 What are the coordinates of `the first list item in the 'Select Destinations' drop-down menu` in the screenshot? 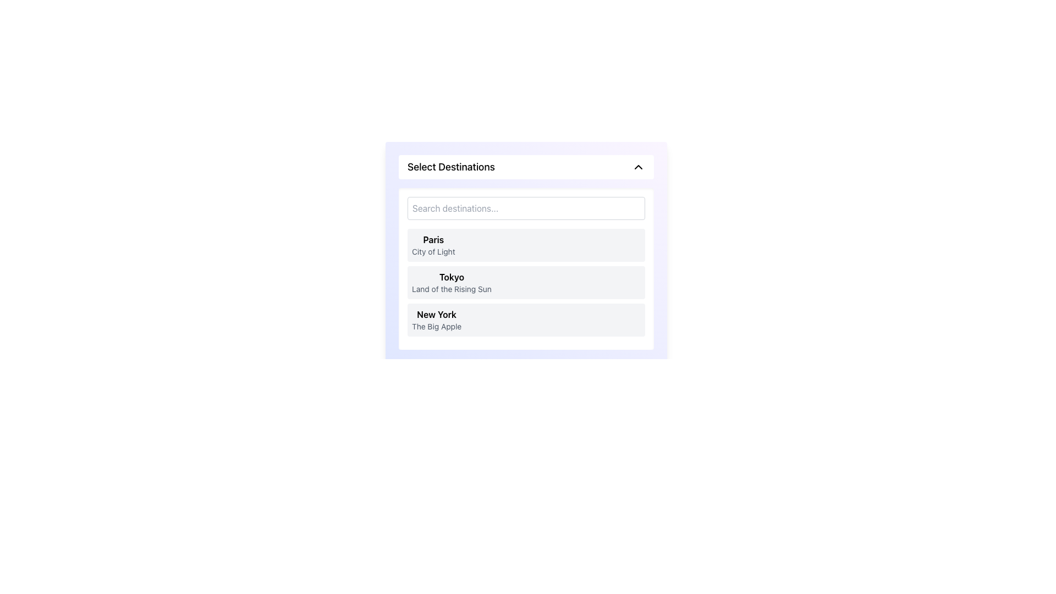 It's located at (525, 252).